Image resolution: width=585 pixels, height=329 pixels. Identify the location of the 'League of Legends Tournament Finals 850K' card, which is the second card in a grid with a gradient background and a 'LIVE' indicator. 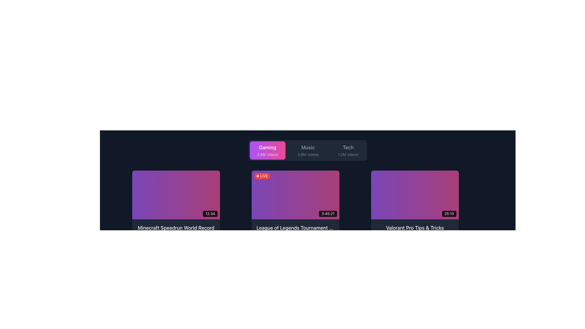
(295, 207).